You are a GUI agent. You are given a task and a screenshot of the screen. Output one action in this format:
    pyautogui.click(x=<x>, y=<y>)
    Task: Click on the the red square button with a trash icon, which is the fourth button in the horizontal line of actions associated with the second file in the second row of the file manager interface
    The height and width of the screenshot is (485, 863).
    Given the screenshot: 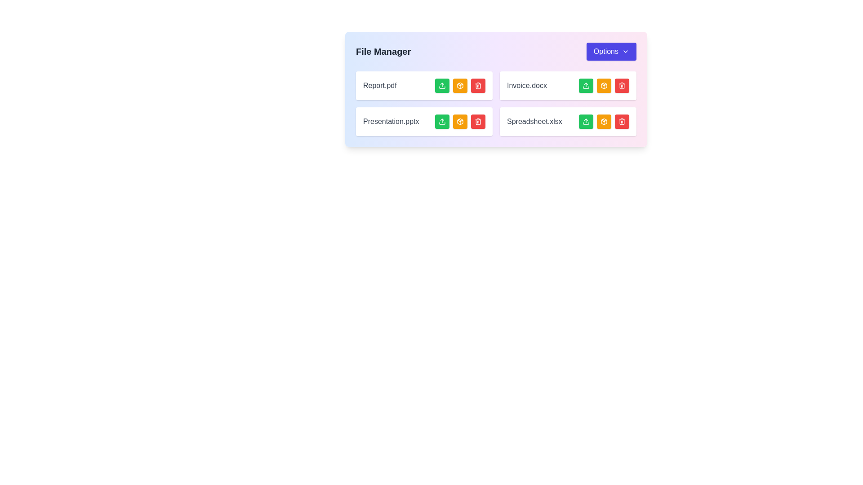 What is the action you would take?
    pyautogui.click(x=621, y=86)
    